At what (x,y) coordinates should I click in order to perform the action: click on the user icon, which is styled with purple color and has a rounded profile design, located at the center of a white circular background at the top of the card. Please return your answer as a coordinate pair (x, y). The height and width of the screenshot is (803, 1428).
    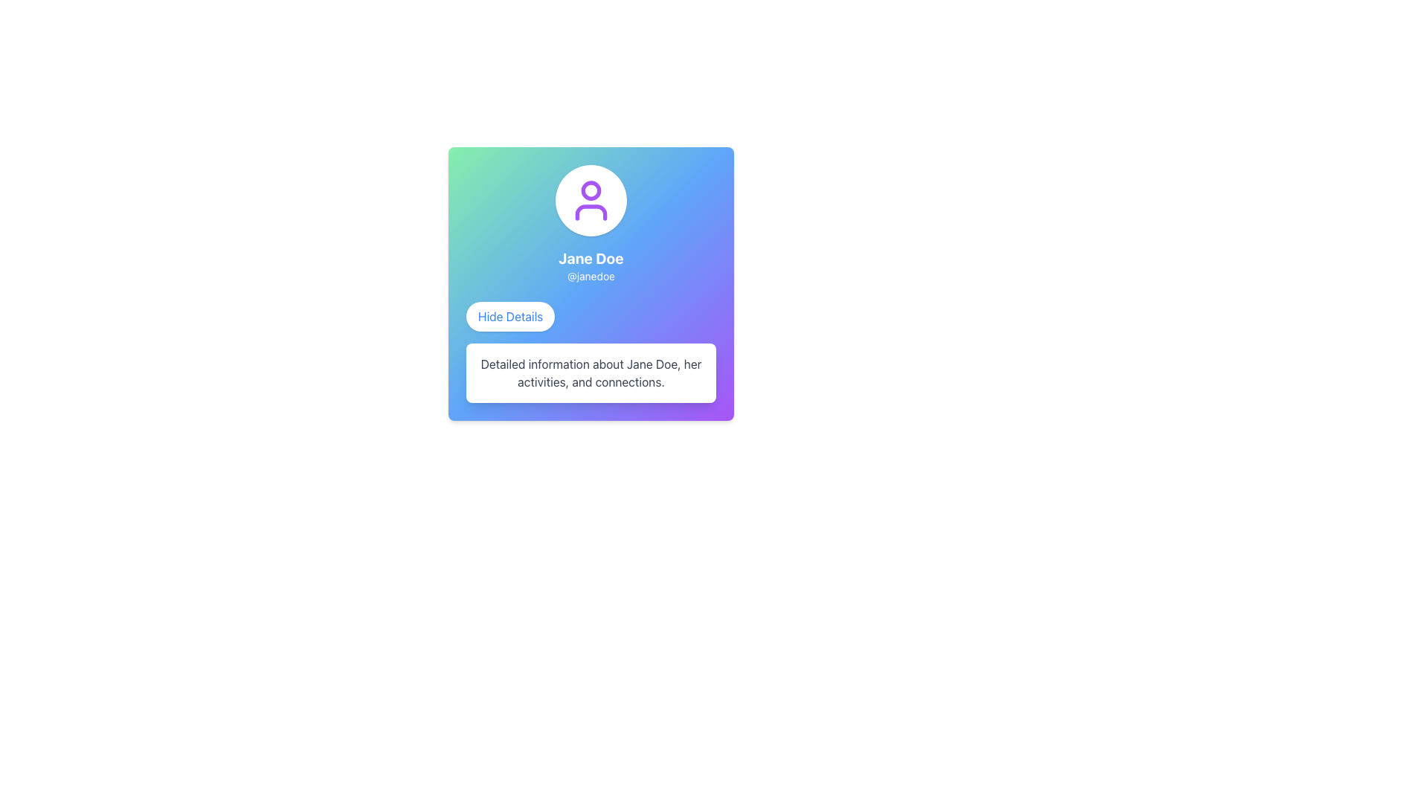
    Looking at the image, I should click on (591, 201).